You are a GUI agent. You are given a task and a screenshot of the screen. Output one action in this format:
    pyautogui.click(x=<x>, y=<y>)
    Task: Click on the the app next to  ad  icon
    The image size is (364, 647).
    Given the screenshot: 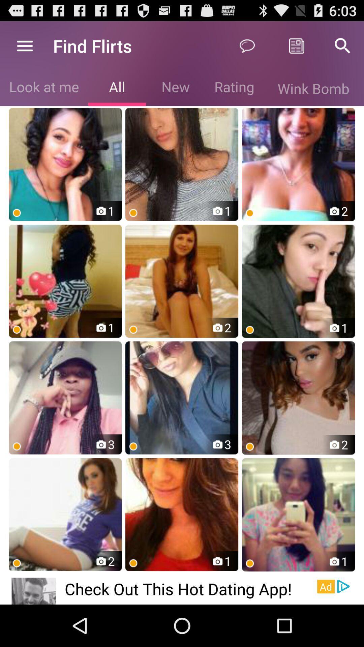 What is the action you would take?
    pyautogui.click(x=191, y=588)
    